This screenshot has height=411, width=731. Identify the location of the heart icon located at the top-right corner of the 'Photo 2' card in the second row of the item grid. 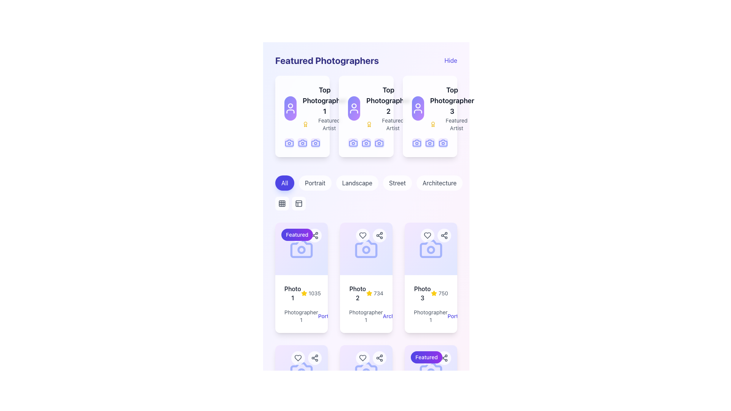
(362, 235).